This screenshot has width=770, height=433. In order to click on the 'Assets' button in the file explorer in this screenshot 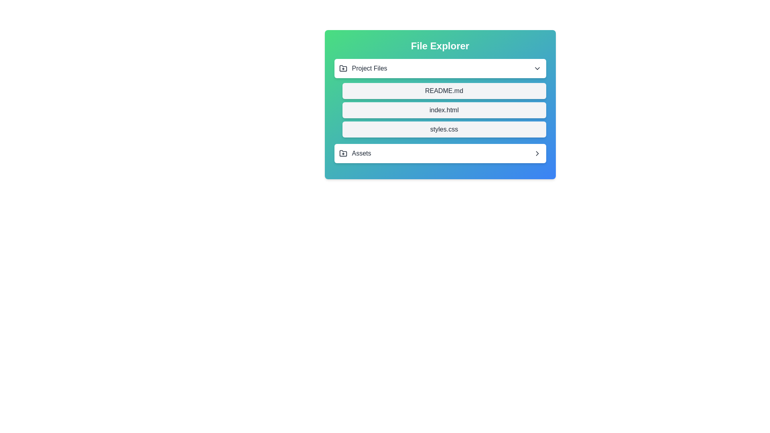, I will do `click(440, 153)`.